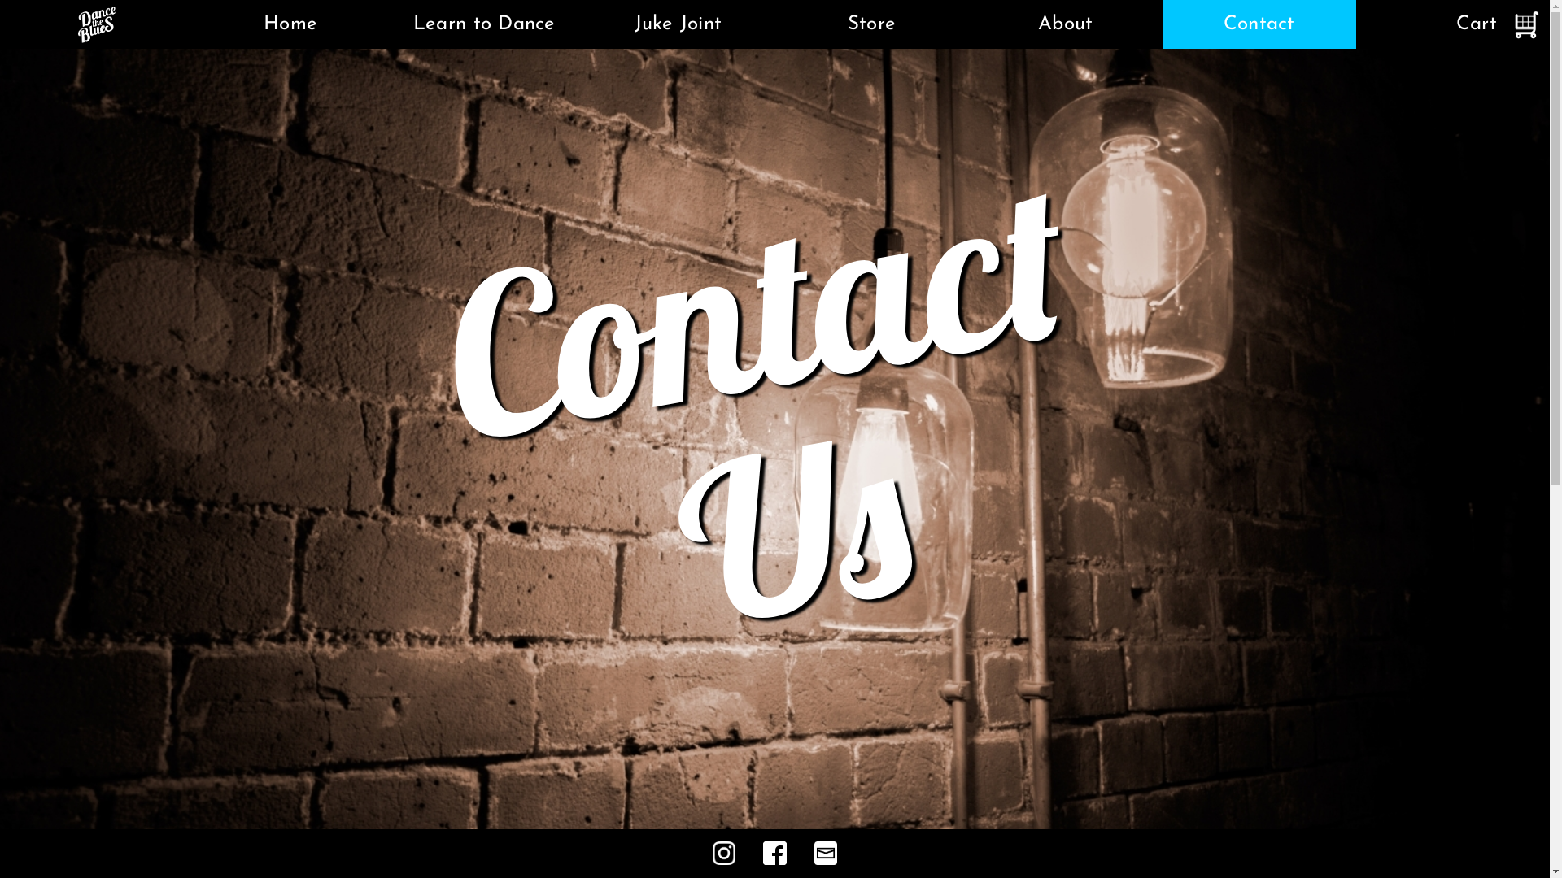 Image resolution: width=1562 pixels, height=878 pixels. I want to click on 'Cart', so click(1452, 24).